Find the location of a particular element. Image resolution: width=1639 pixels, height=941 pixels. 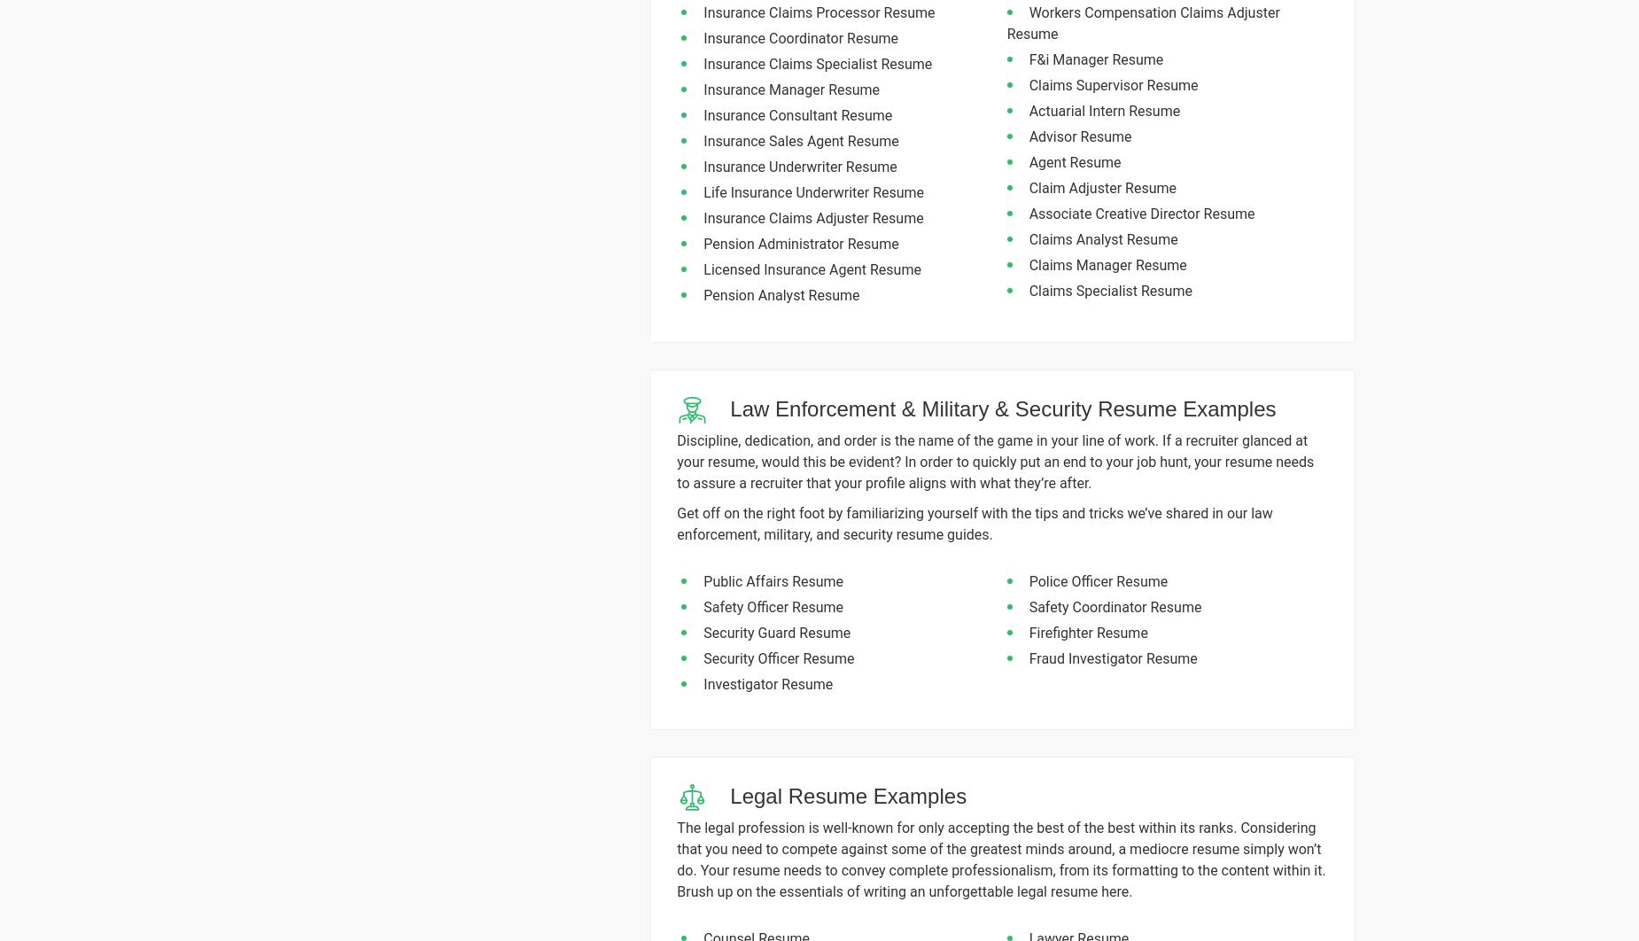

'Life Insurance Underwriter Resume' is located at coordinates (703, 191).